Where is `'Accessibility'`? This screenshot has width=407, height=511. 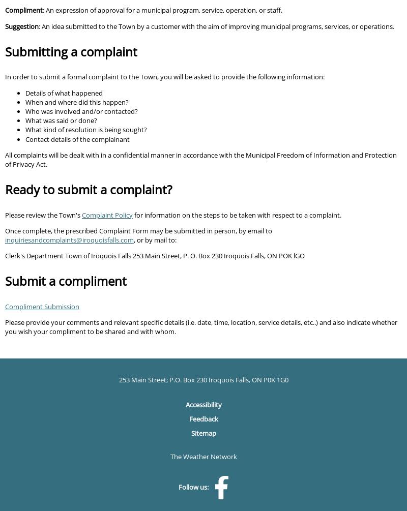 'Accessibility' is located at coordinates (202, 404).